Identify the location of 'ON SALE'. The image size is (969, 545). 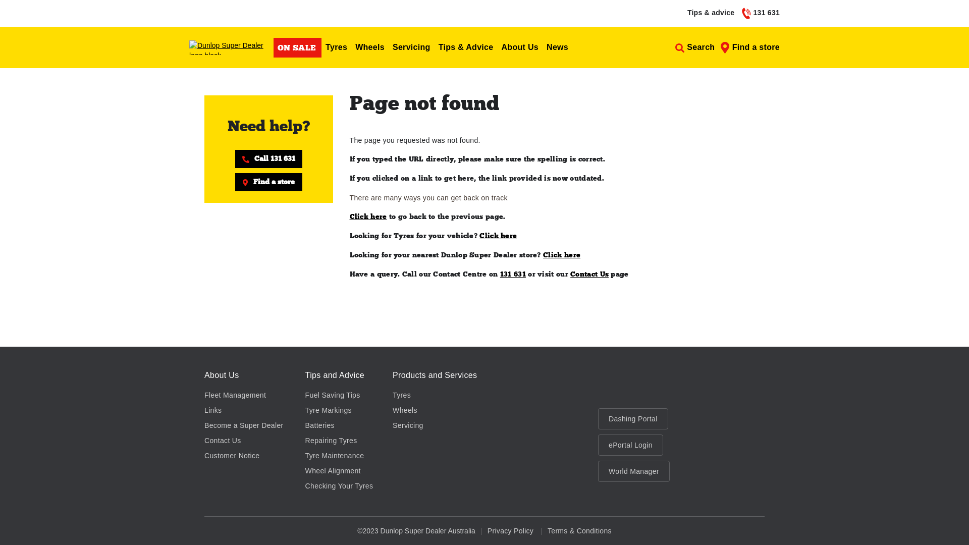
(297, 47).